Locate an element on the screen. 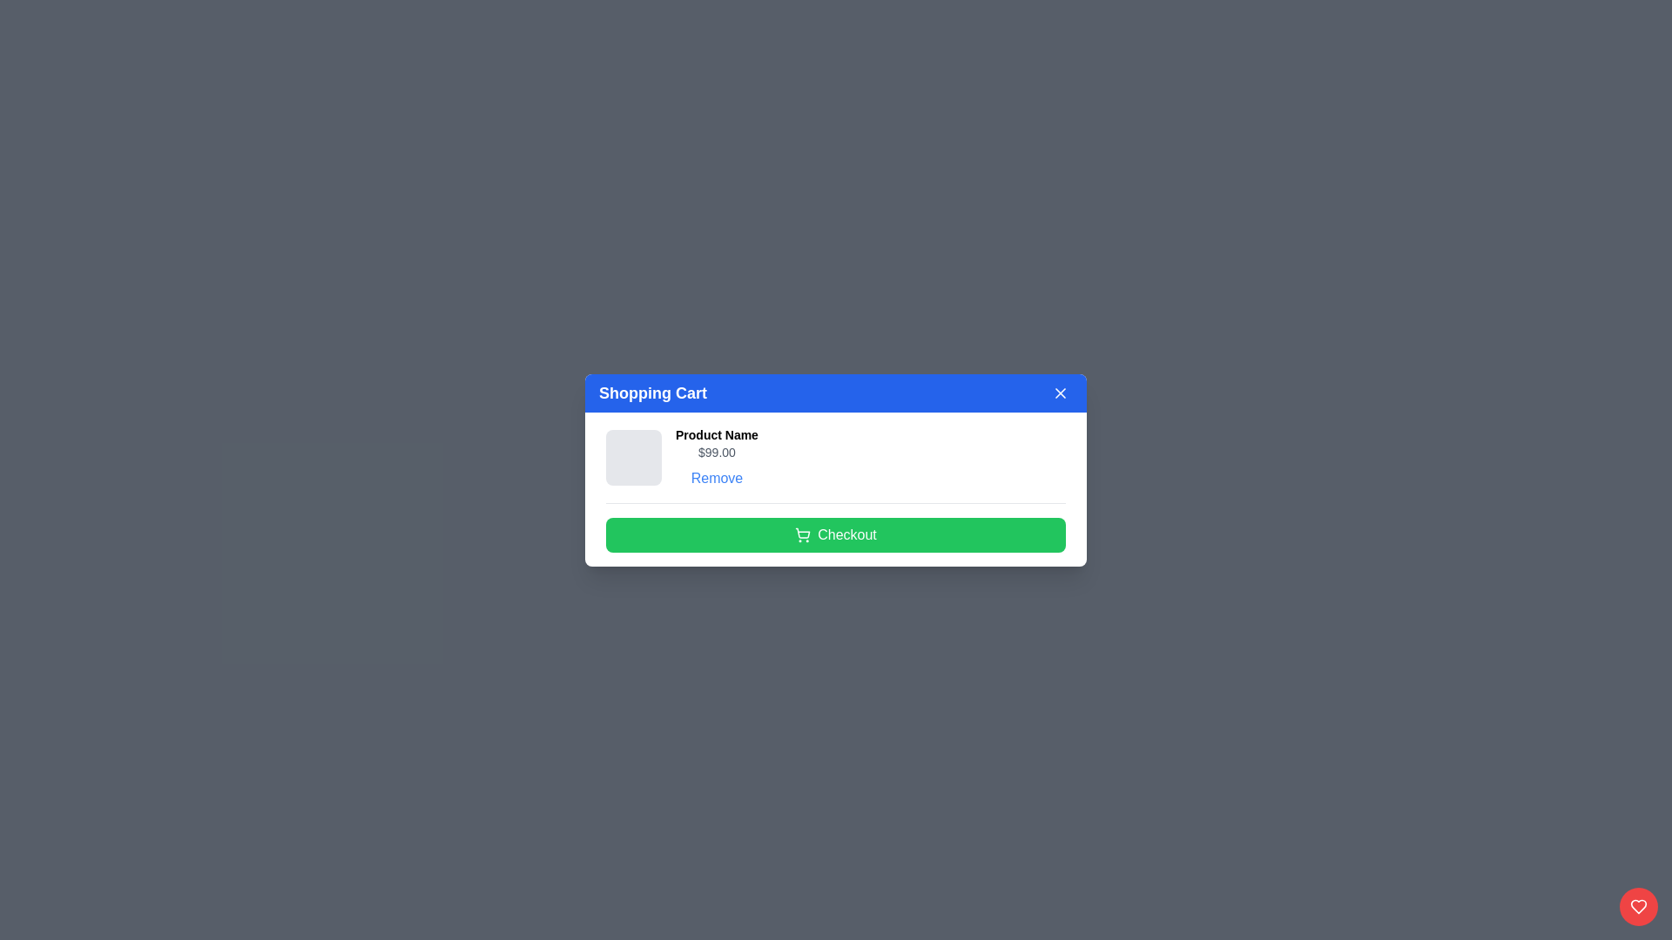 Image resolution: width=1672 pixels, height=940 pixels. the shopping cart icon element, which is a stylized outline with curved lines located on the second line of the graphic, slightly above and to the left of the wheels is located at coordinates (802, 532).